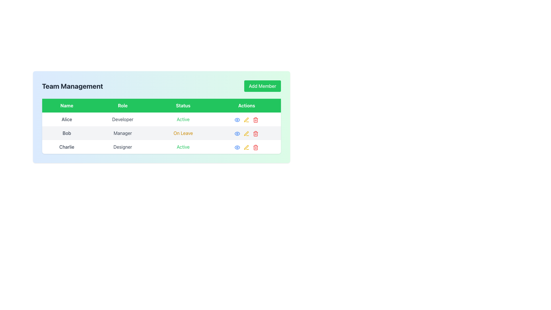 This screenshot has width=551, height=310. I want to click on the button located to the far right of the 'Team Management' section, so click(262, 86).